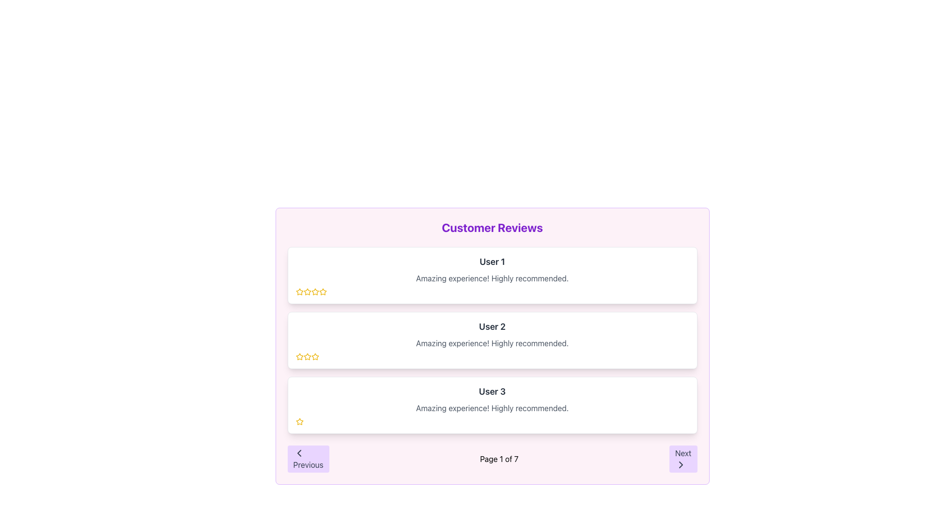 Image resolution: width=930 pixels, height=523 pixels. Describe the element at coordinates (299, 356) in the screenshot. I see `the rating value by focusing on the first star in the five-star rating system in the 'Customer Reviews' section, positioned near the top left of the card for the second user` at that location.